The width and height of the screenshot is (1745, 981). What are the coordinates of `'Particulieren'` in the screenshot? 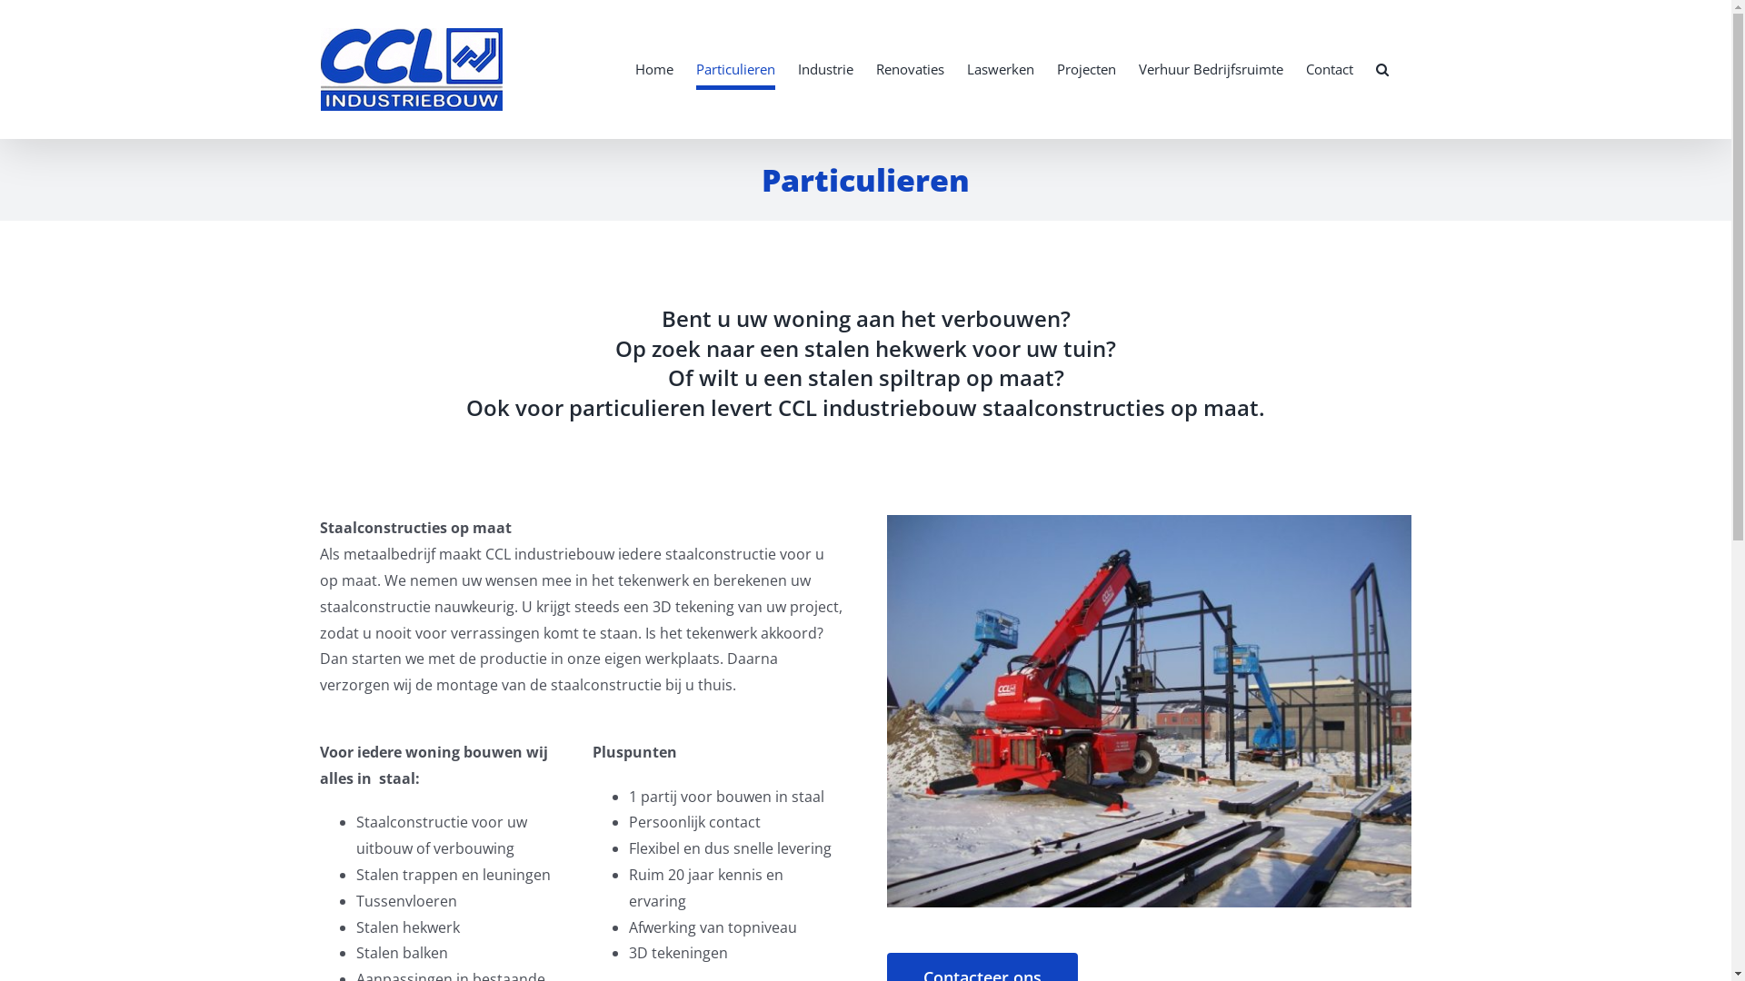 It's located at (735, 68).